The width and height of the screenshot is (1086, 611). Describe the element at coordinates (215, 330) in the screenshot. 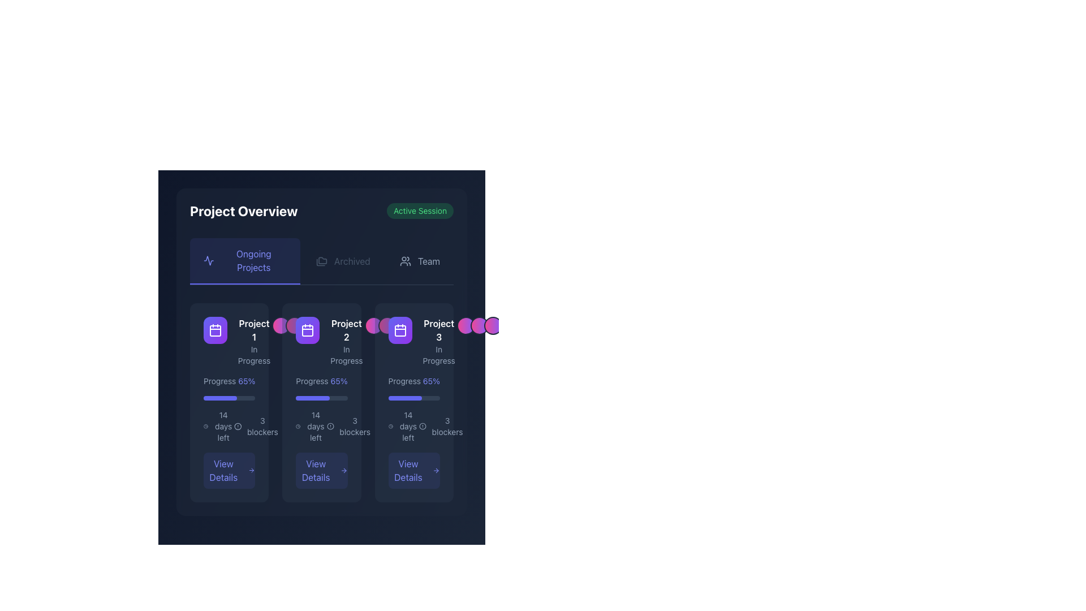

I see `the graphical representation icon for 'Project 1', which is the first of three similar icons in the 'Ongoing Projects' section` at that location.